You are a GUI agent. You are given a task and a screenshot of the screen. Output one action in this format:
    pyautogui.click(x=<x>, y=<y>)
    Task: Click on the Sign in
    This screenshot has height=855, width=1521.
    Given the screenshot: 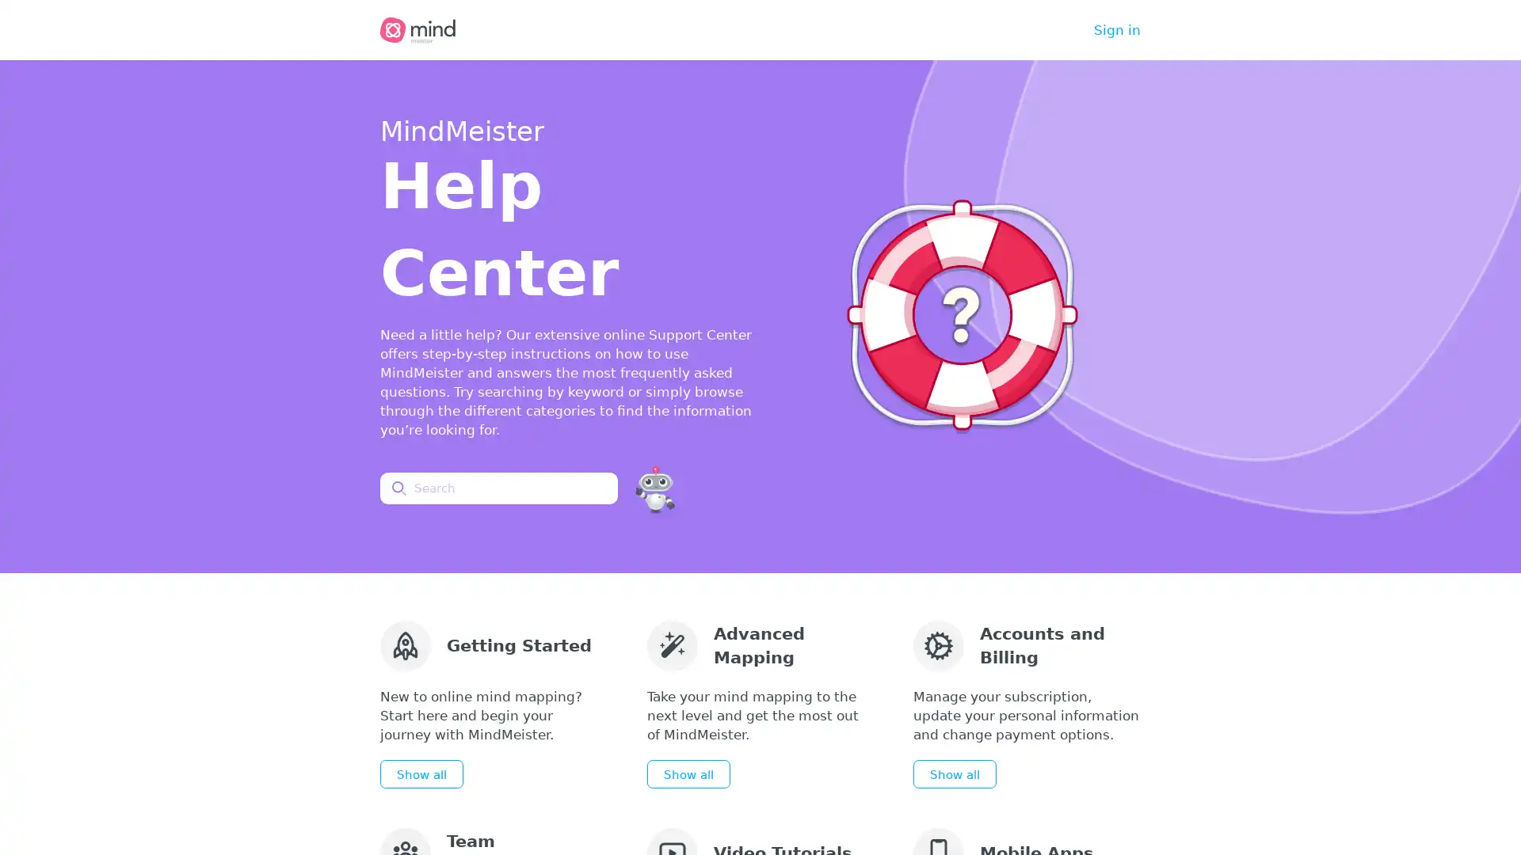 What is the action you would take?
    pyautogui.click(x=1116, y=30)
    